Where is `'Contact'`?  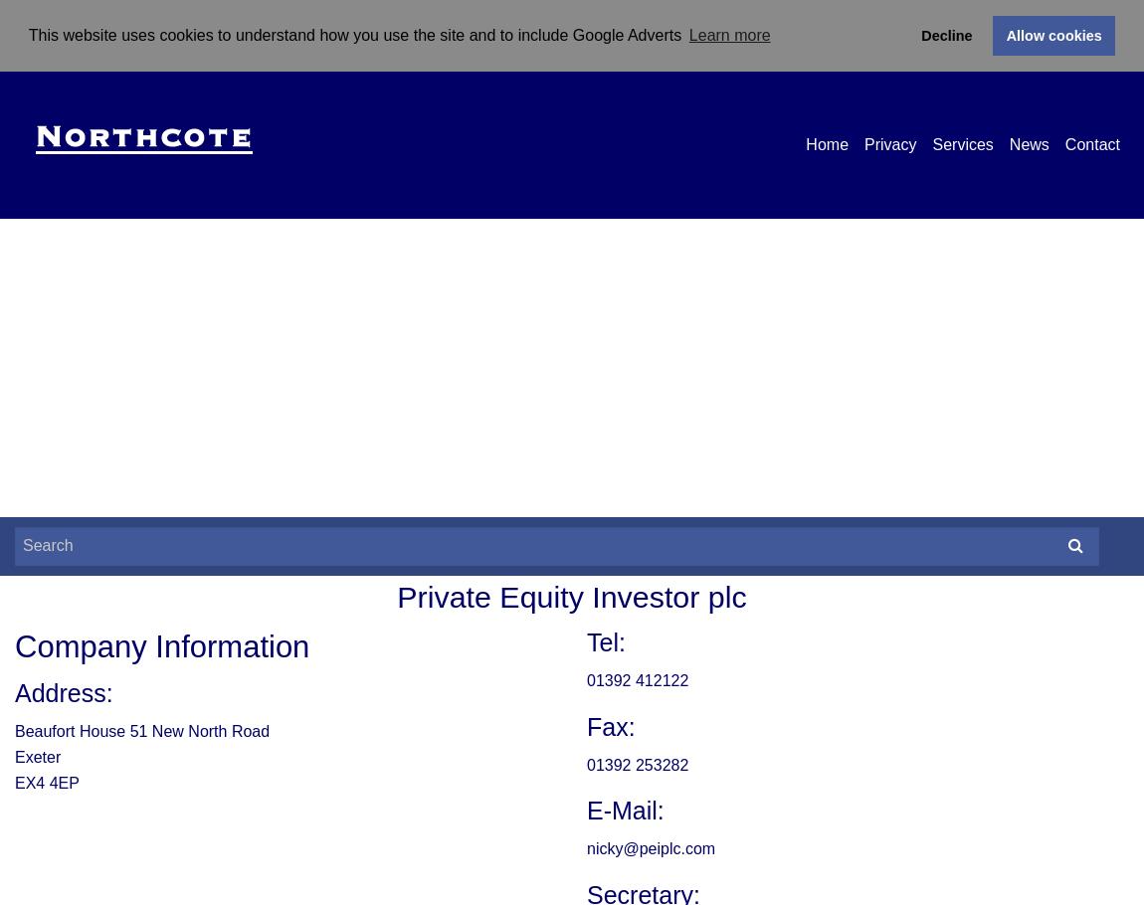
'Contact' is located at coordinates (1063, 142).